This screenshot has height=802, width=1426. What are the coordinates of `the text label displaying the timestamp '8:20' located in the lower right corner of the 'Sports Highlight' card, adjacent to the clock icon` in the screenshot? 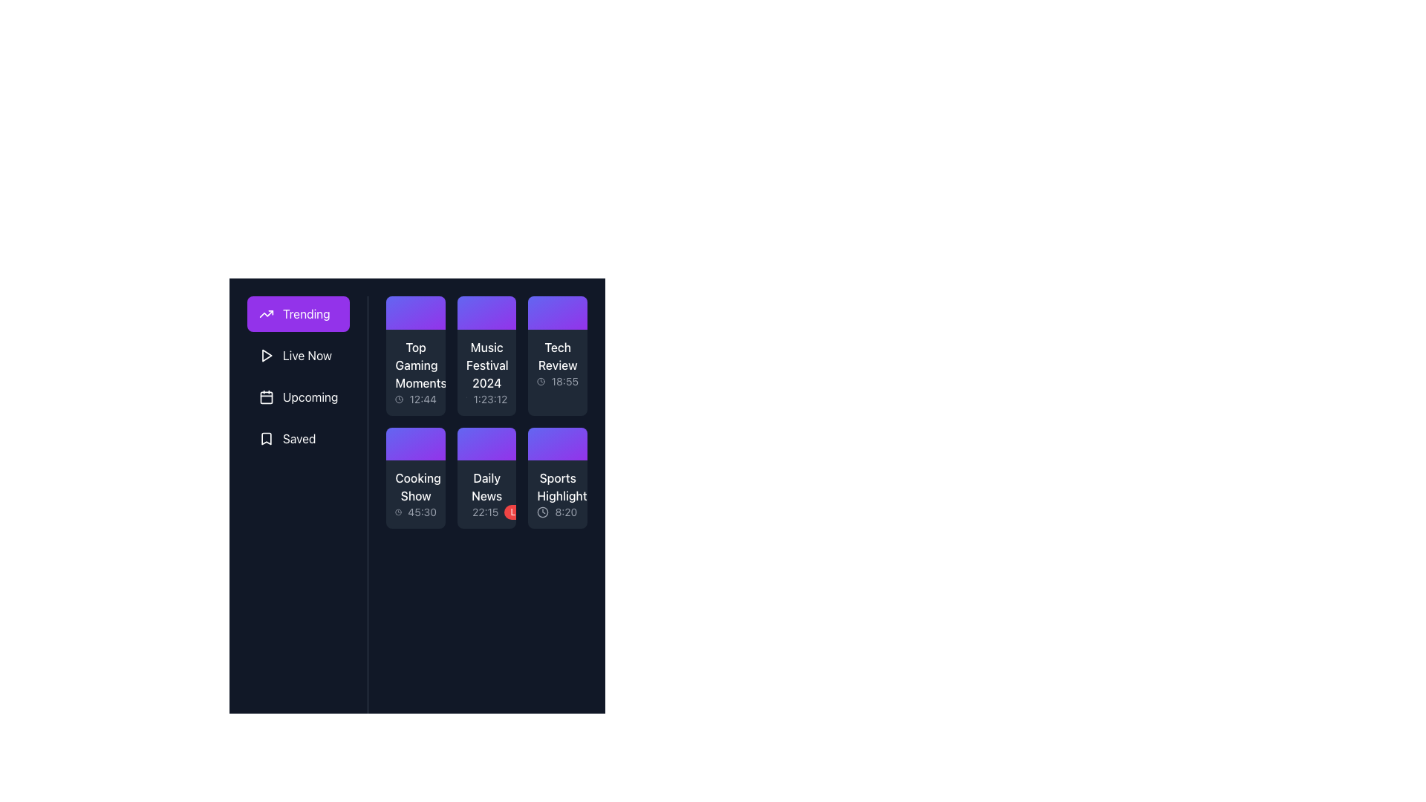 It's located at (557, 512).